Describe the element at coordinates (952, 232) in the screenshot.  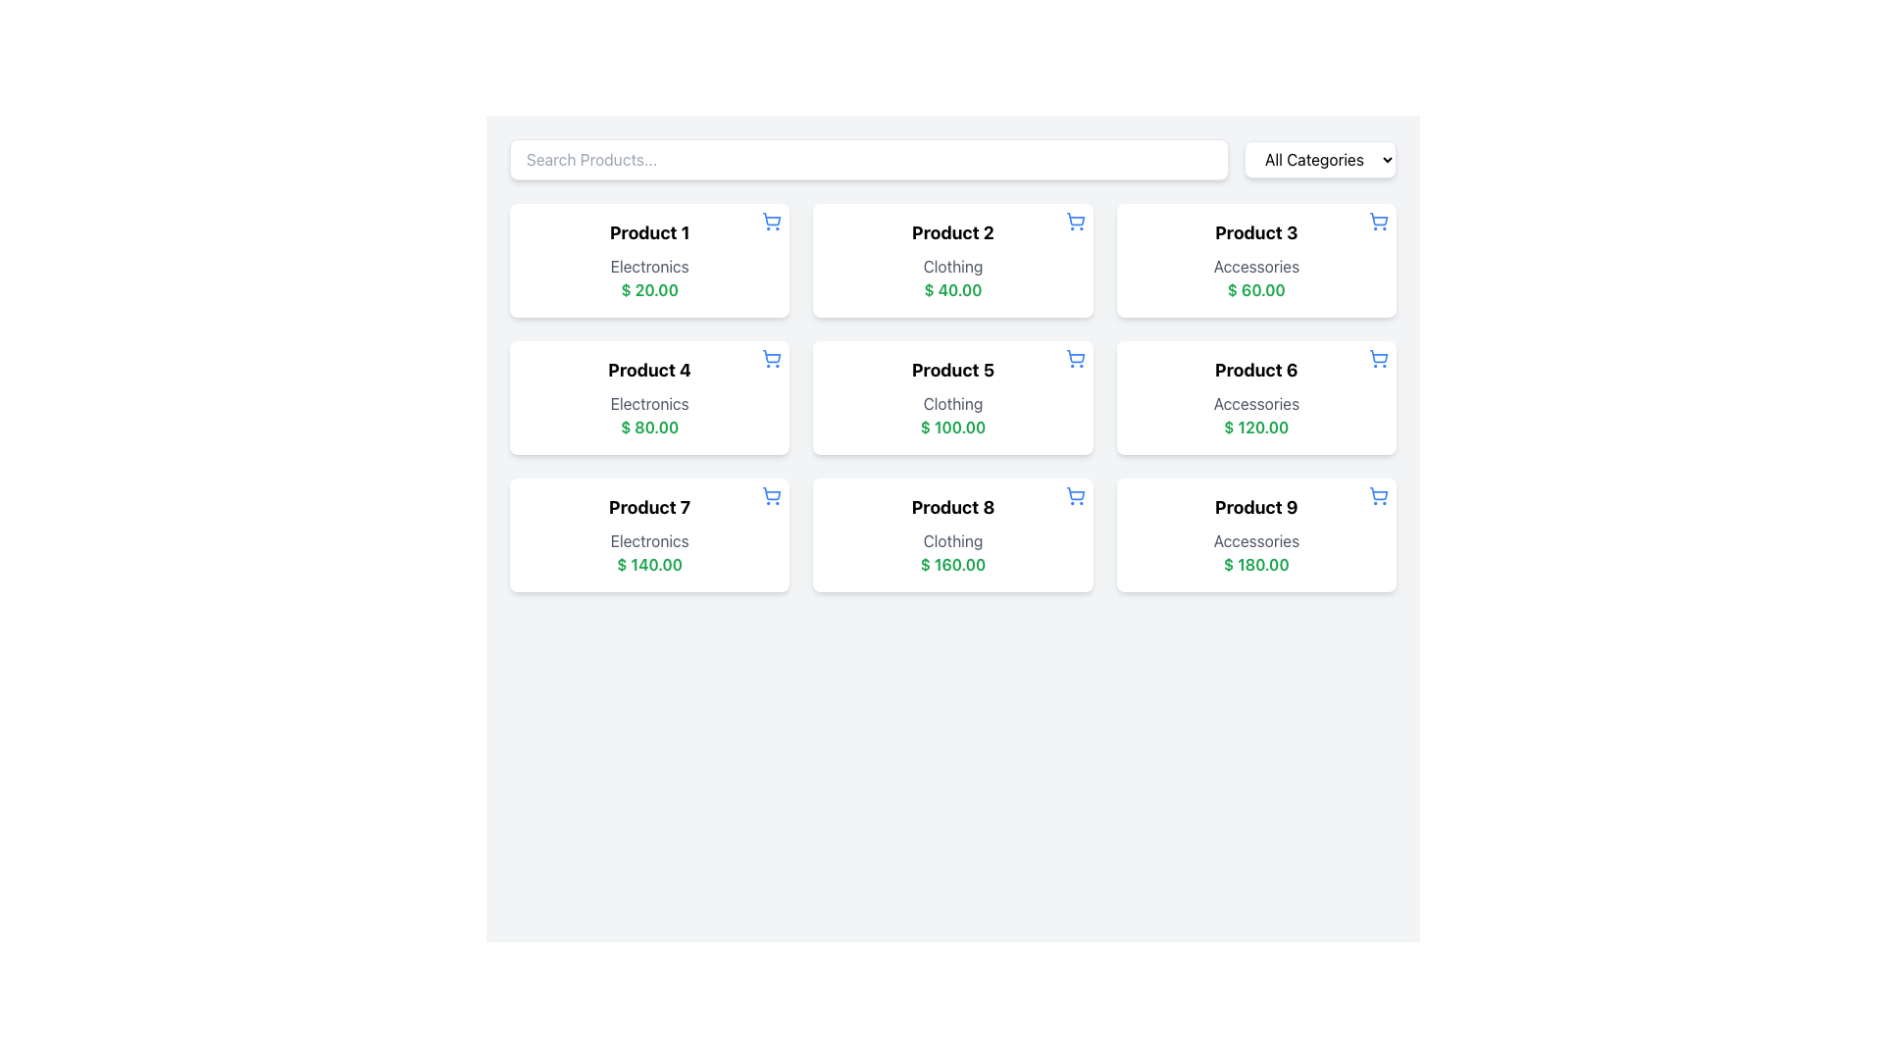
I see `the Text label that serves as the title of the product in the card for 'Product 2', located centrally above the 'Clothing' and '$ 40.00' text` at that location.